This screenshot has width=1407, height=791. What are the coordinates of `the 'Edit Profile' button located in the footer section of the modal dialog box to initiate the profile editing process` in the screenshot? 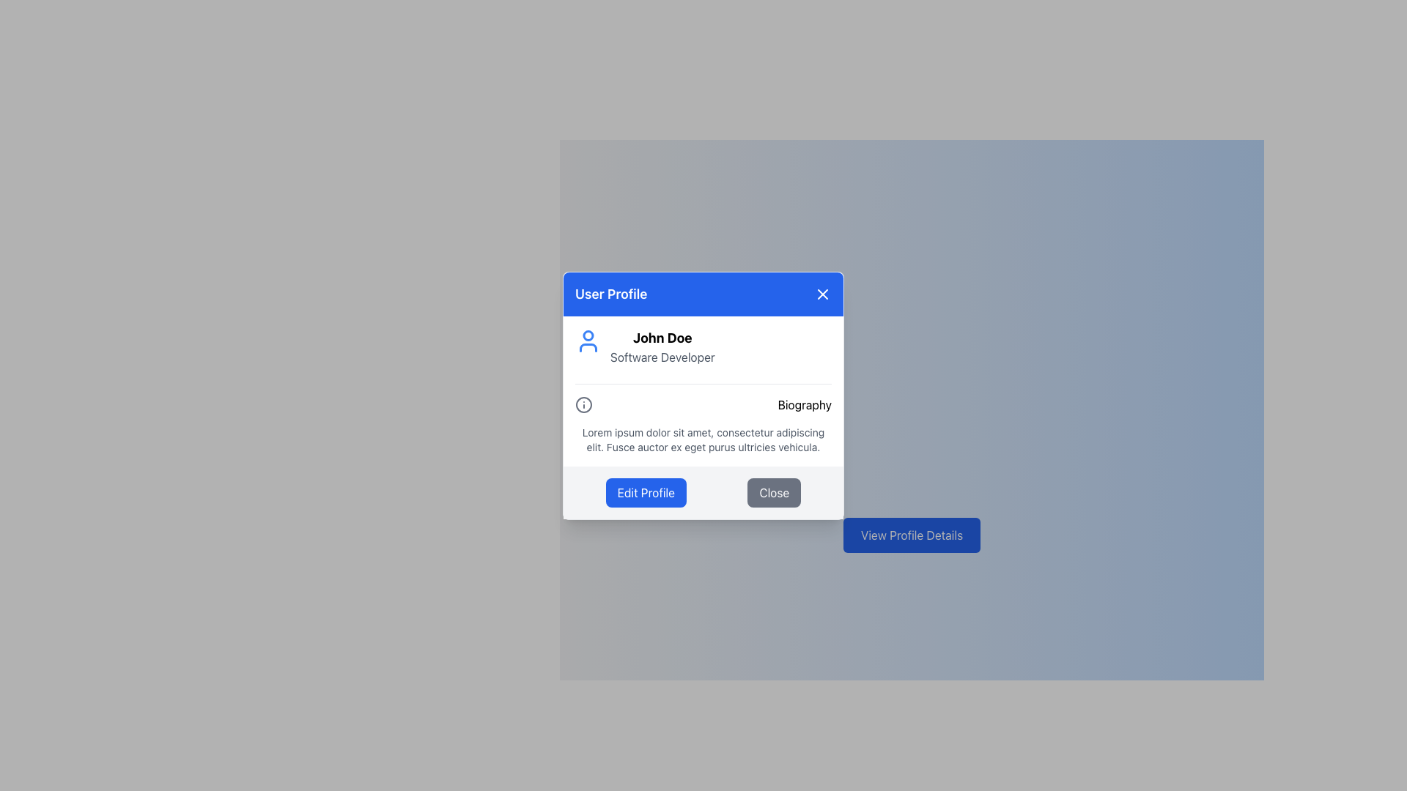 It's located at (645, 492).